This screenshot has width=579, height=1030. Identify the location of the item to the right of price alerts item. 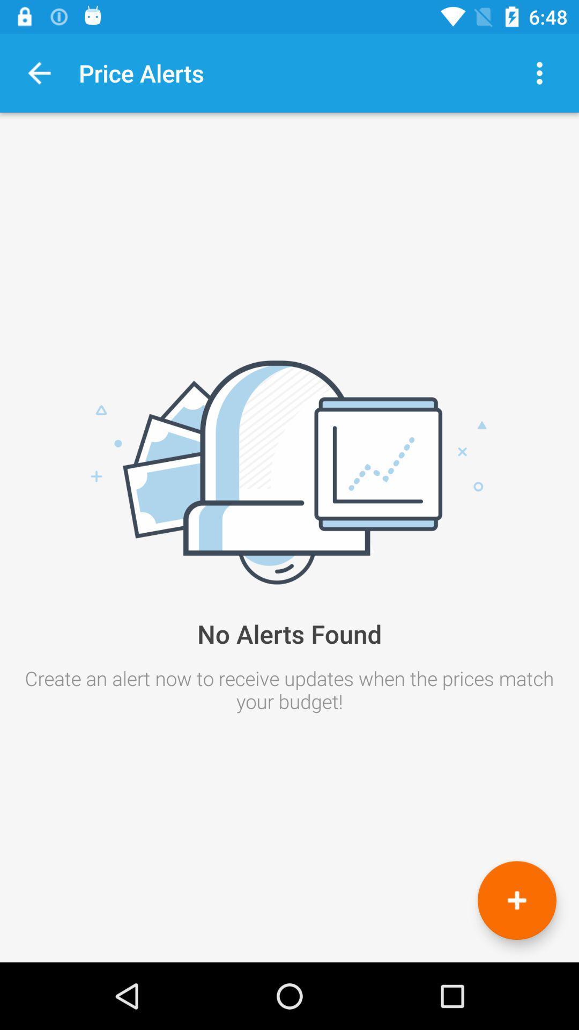
(539, 72).